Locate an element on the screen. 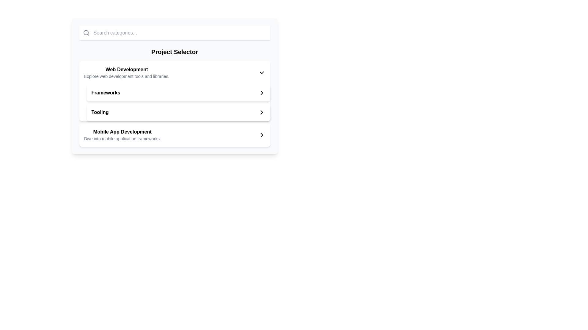  the Chevron icon located at the right edge of the 'Frameworks' entry is located at coordinates (262, 93).